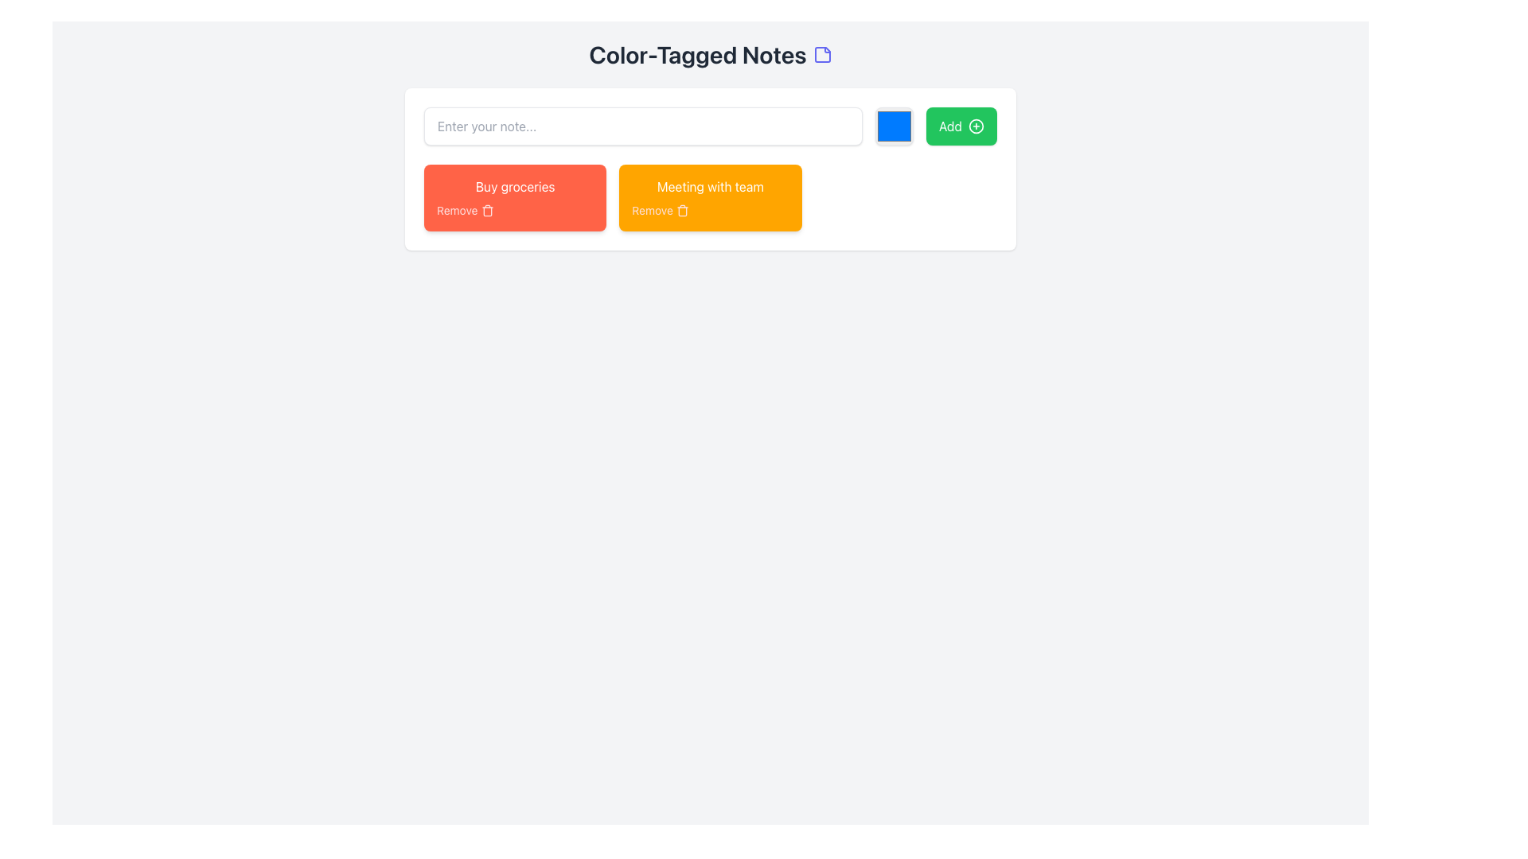 Image resolution: width=1528 pixels, height=859 pixels. Describe the element at coordinates (822, 54) in the screenshot. I see `the blue sticky note icon located in the top-right corner of the 'Color-Tagged Notes' heading` at that location.